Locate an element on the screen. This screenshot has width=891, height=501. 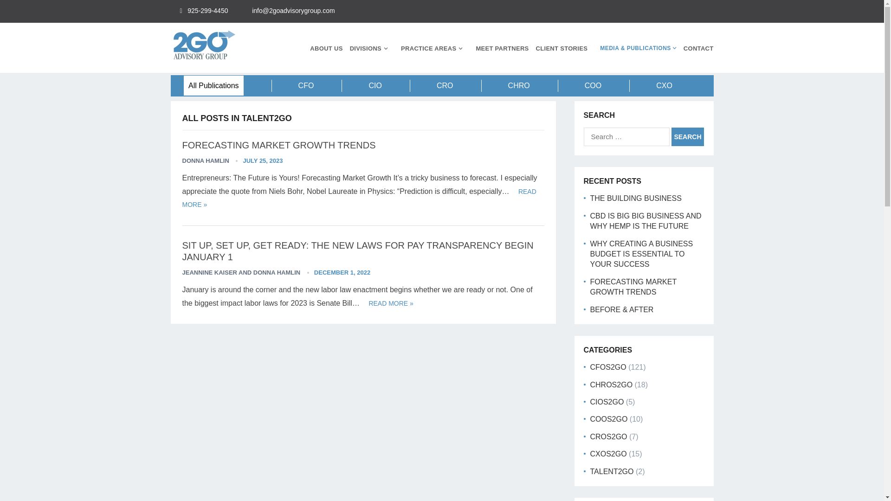
'MEDIA & PUBLICATIONS' is located at coordinates (635, 48).